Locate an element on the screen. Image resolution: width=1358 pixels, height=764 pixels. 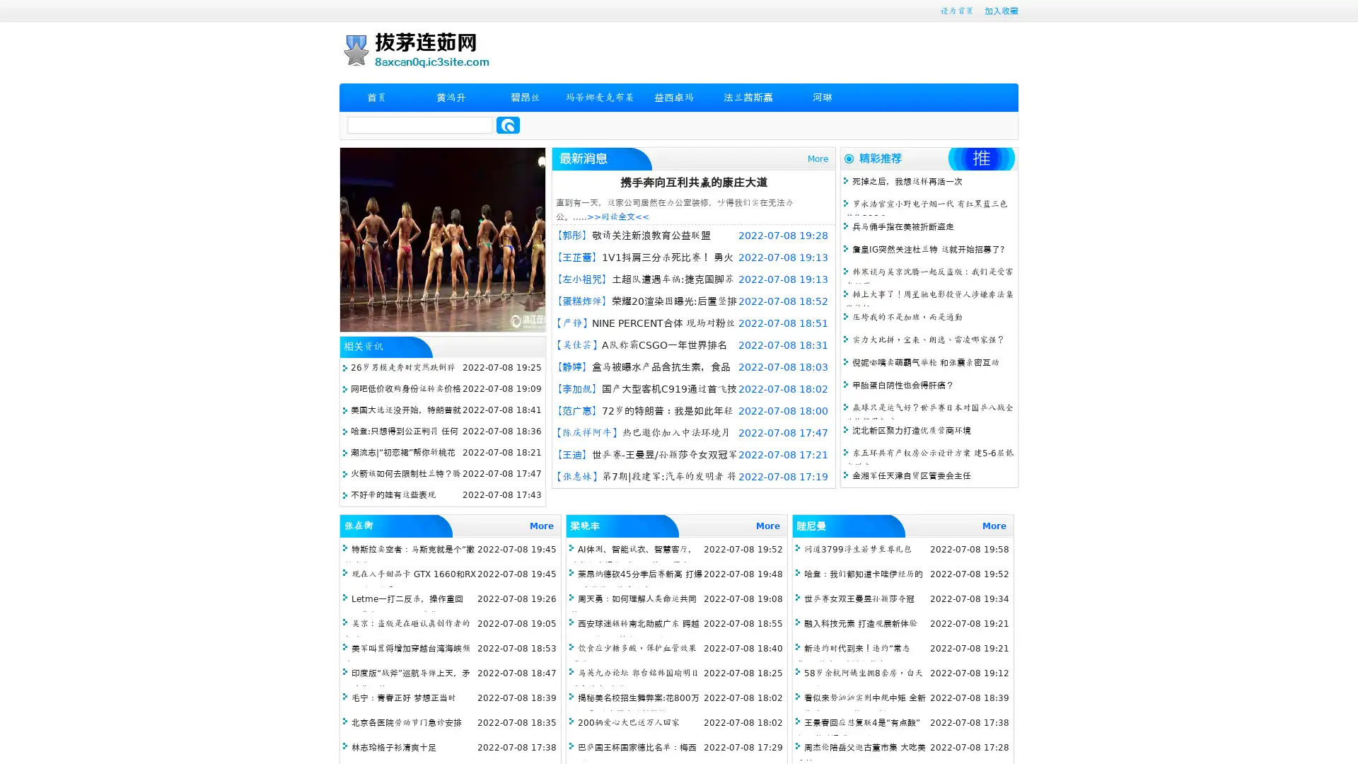
Search is located at coordinates (508, 125).